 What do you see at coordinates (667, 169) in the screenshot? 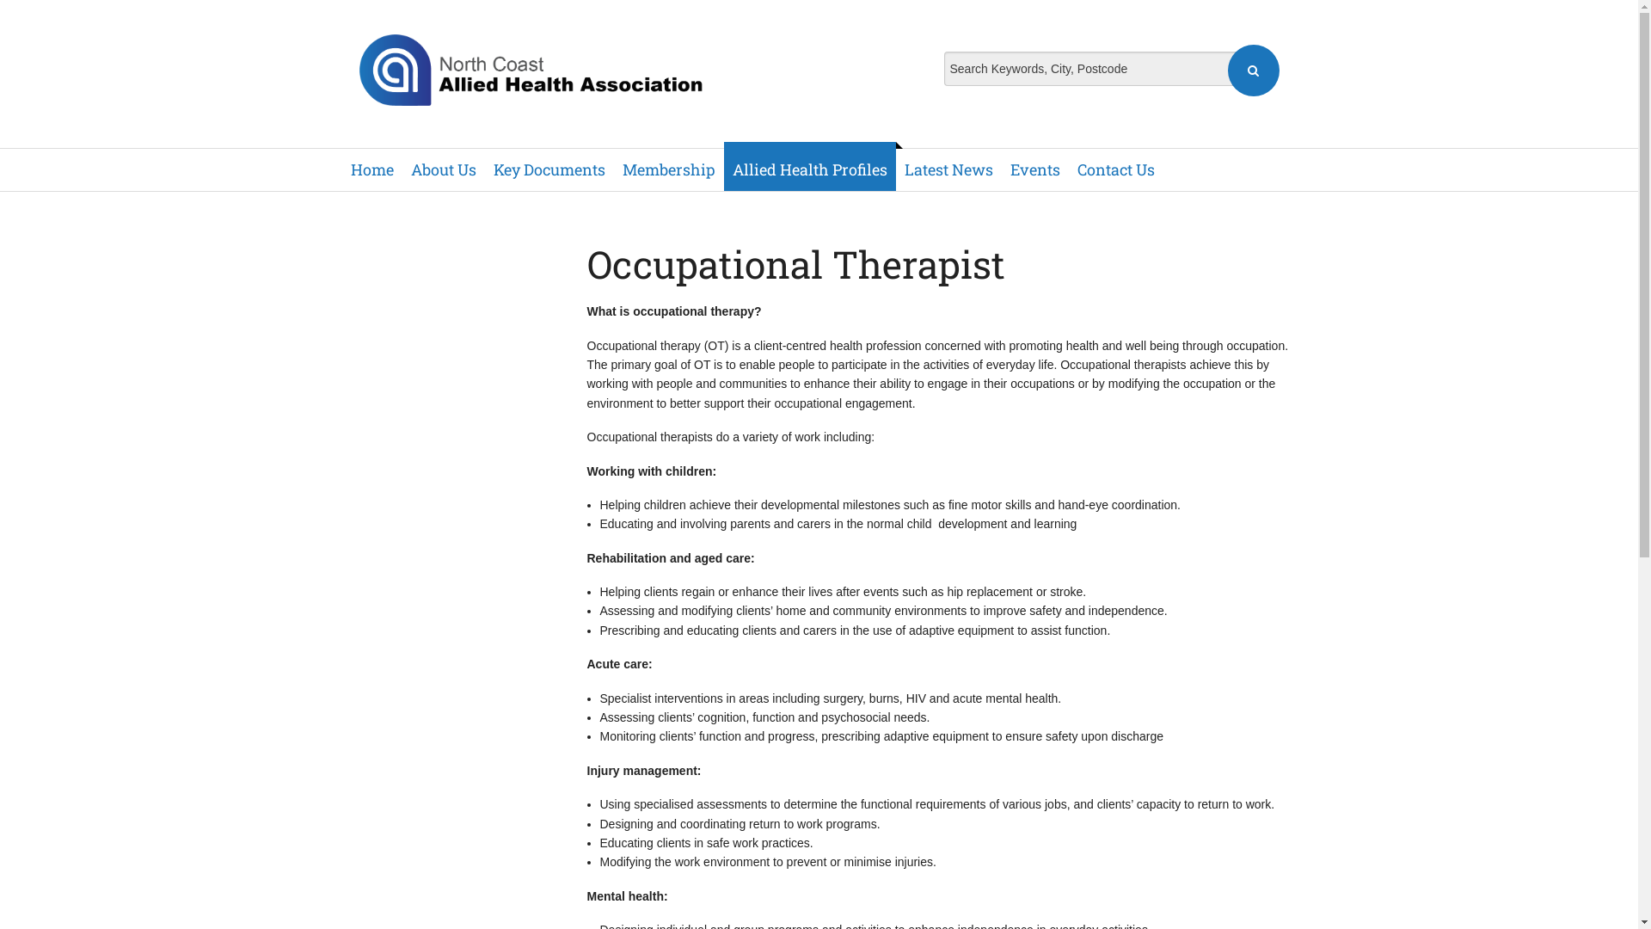
I see `'Membership'` at bounding box center [667, 169].